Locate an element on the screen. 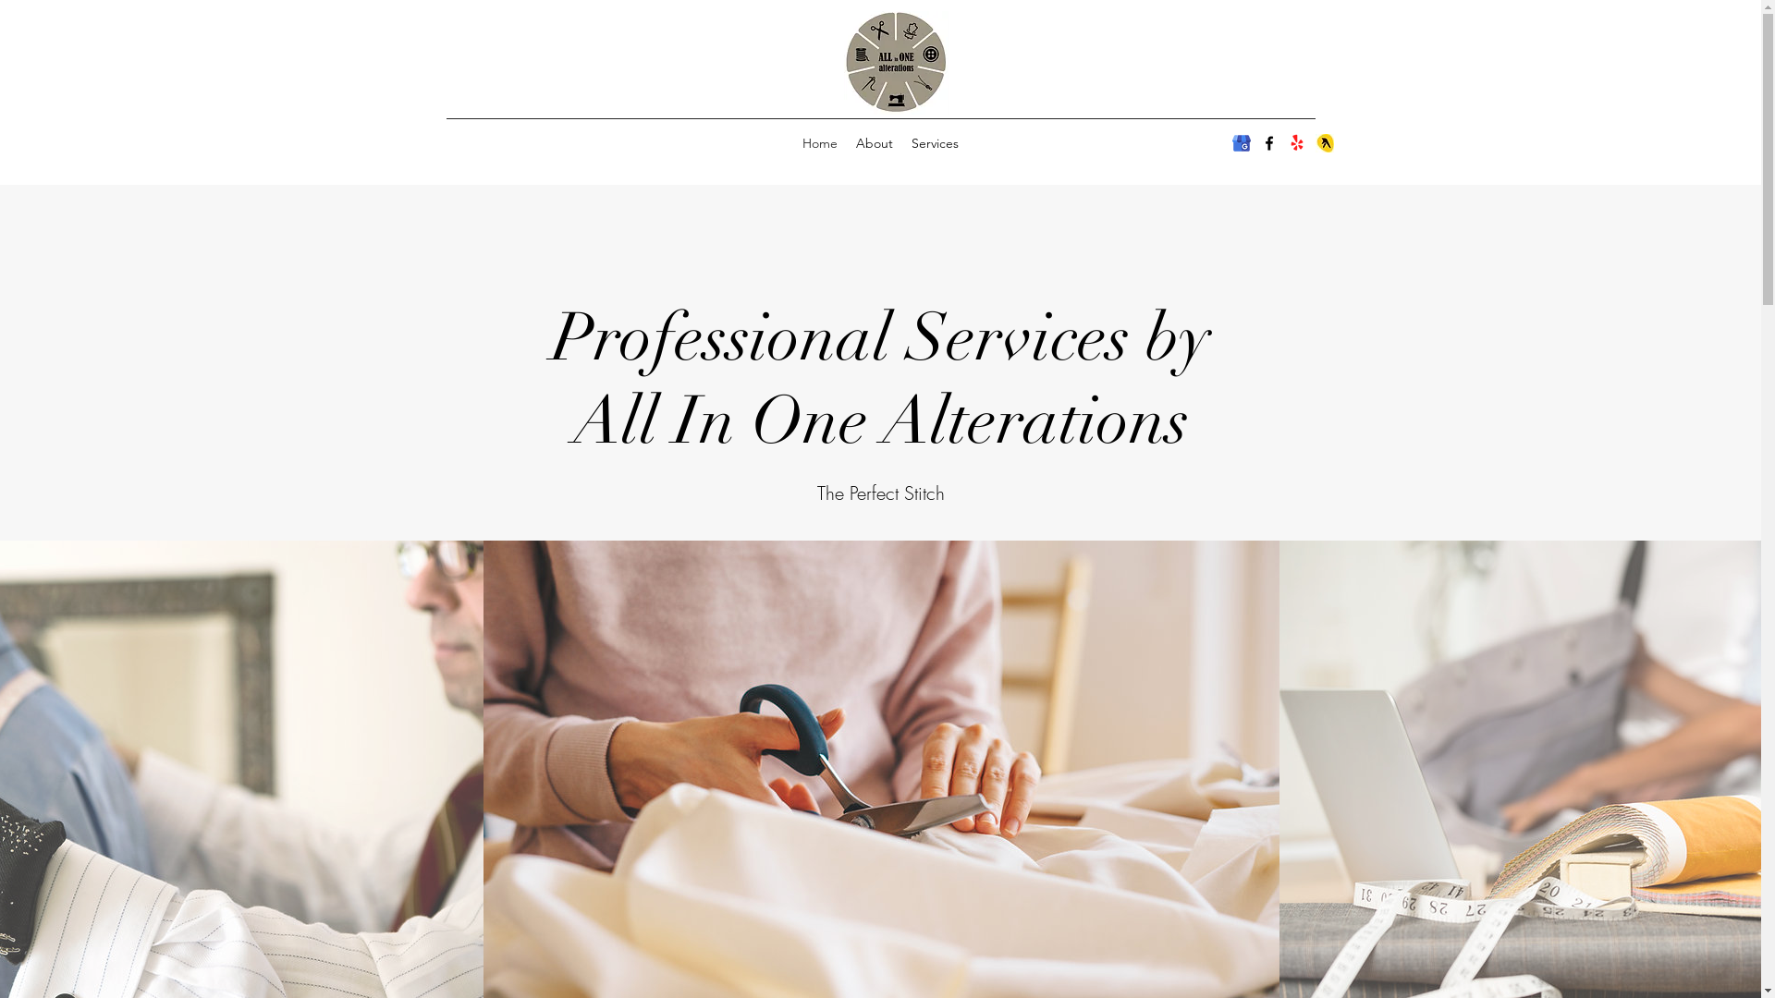 The height and width of the screenshot is (998, 1775). 'About' is located at coordinates (846, 141).